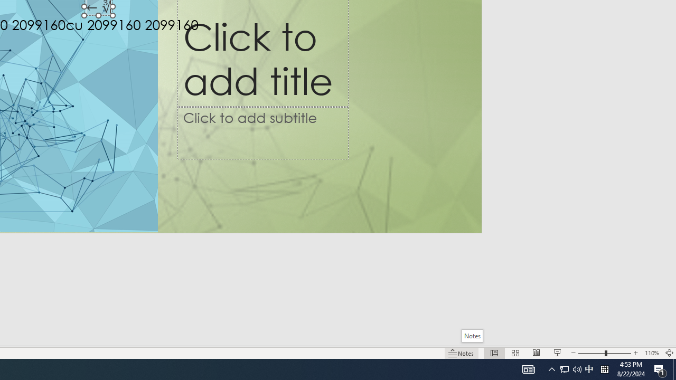 The width and height of the screenshot is (676, 380). I want to click on 'Zoom 110%', so click(651, 353).